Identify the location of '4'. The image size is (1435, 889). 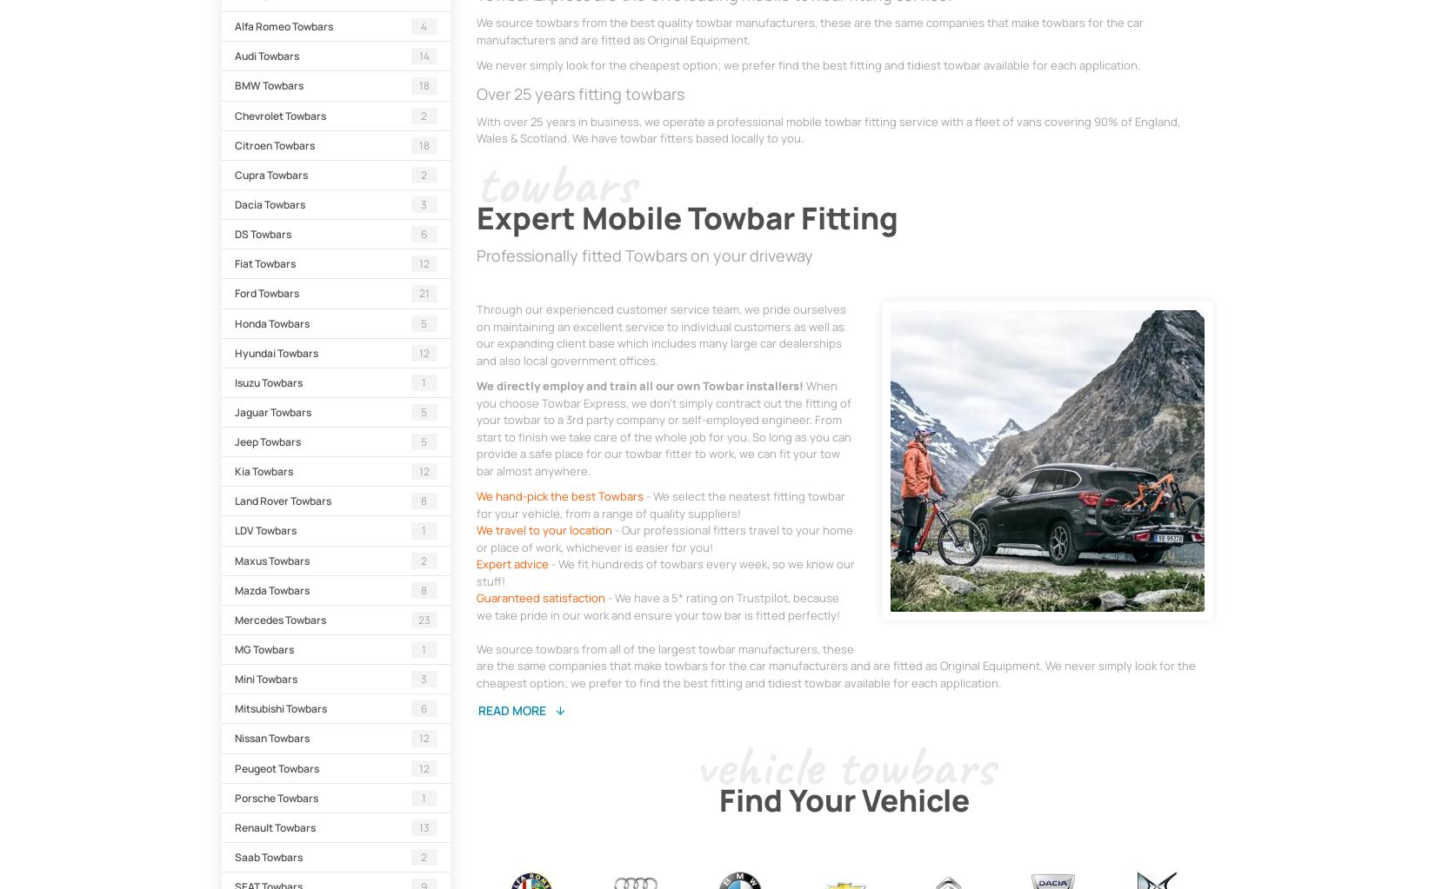
(423, 26).